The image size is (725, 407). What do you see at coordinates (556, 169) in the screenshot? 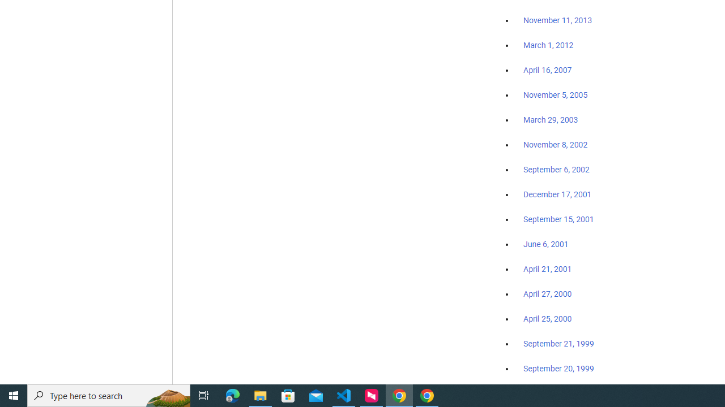
I see `'September 6, 2002'` at bounding box center [556, 169].